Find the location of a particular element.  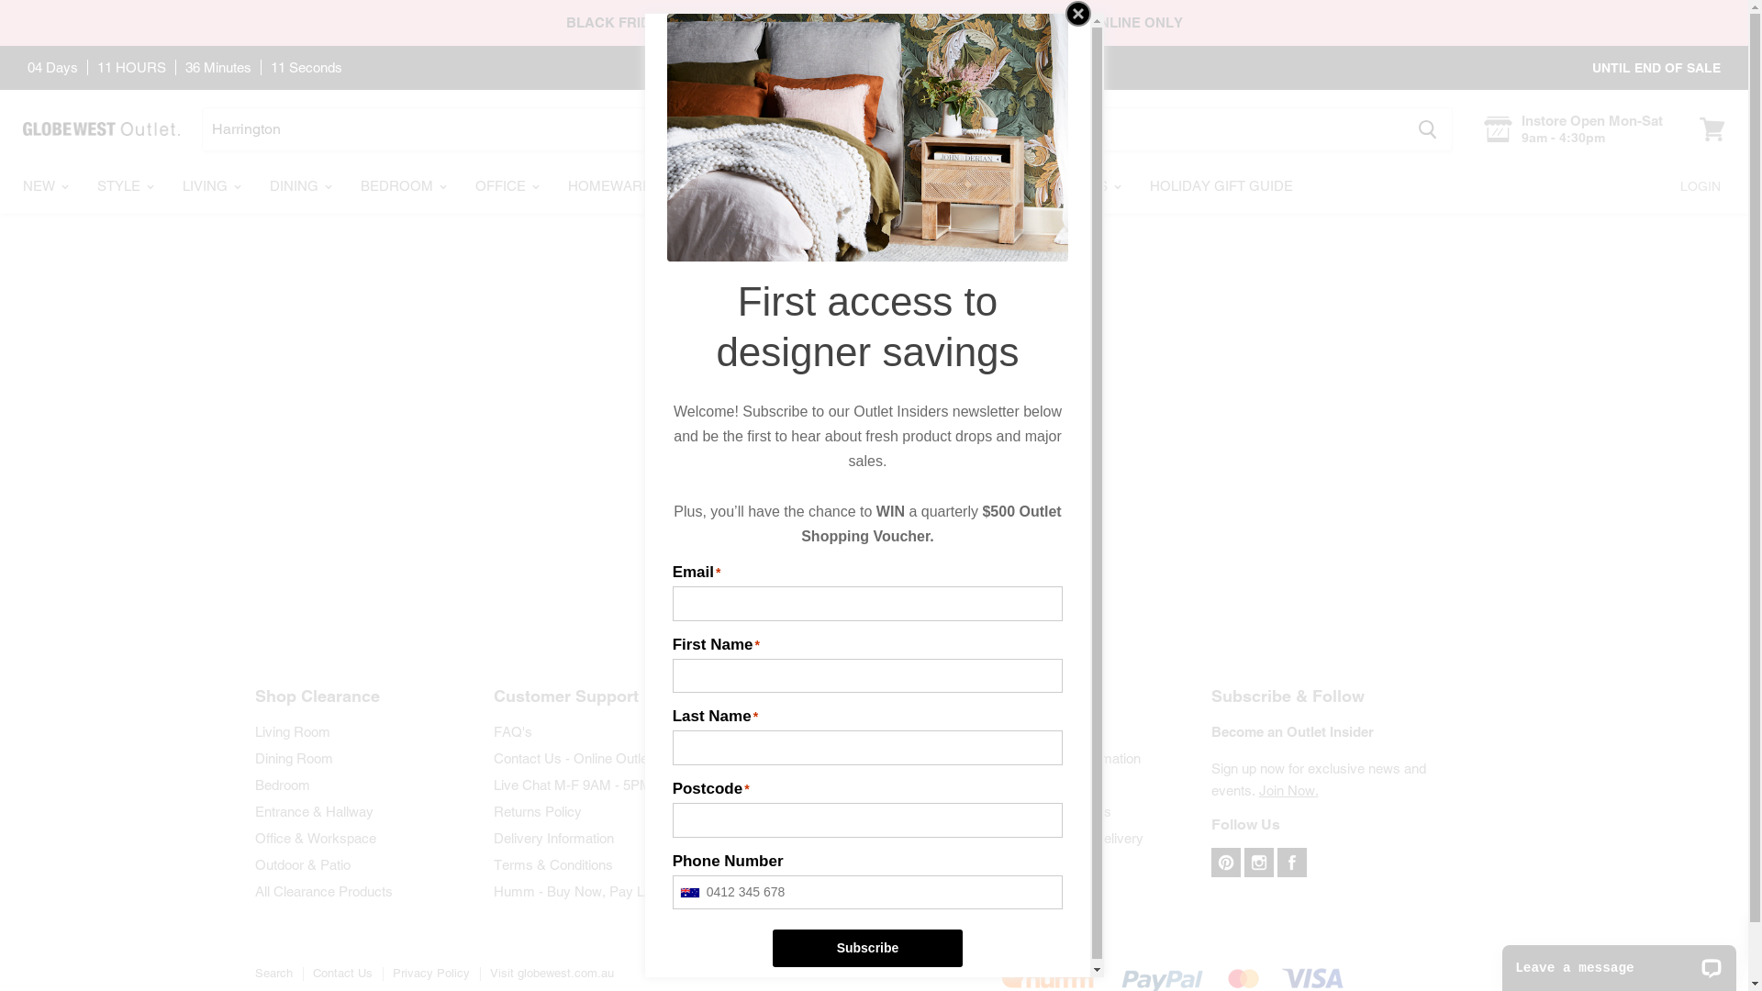

'View cart' is located at coordinates (1712, 128).